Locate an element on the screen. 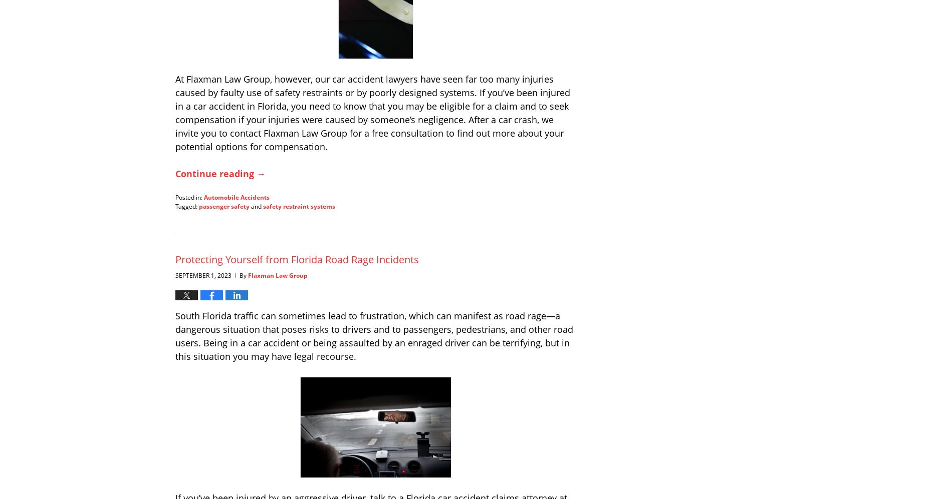 The image size is (927, 499). 'Posted in:' is located at coordinates (188, 197).